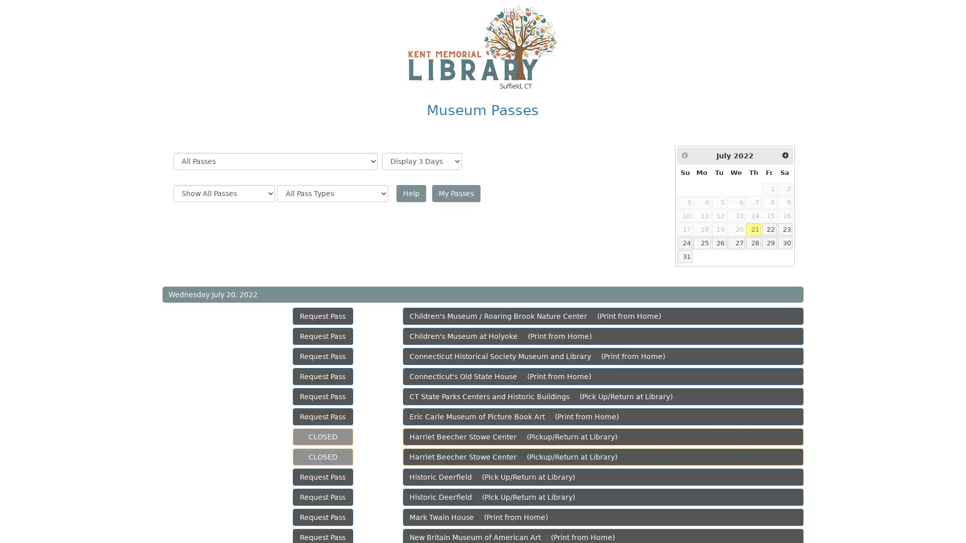 This screenshot has height=543, width=966. Describe the element at coordinates (411, 194) in the screenshot. I see `Help` at that location.